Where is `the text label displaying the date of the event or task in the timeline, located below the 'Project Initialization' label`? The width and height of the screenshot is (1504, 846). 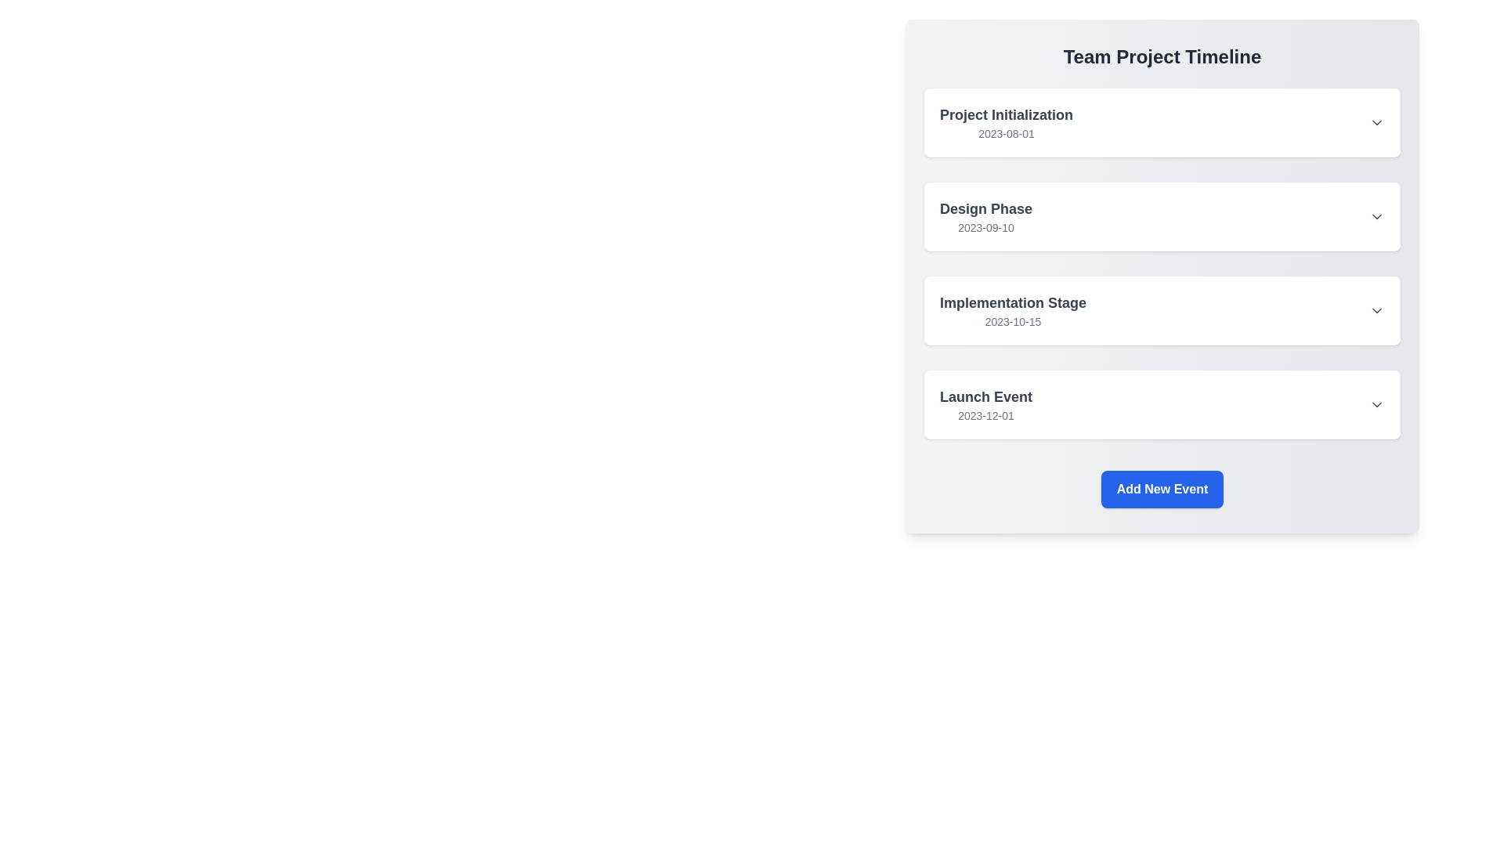 the text label displaying the date of the event or task in the timeline, located below the 'Project Initialization' label is located at coordinates (1007, 132).